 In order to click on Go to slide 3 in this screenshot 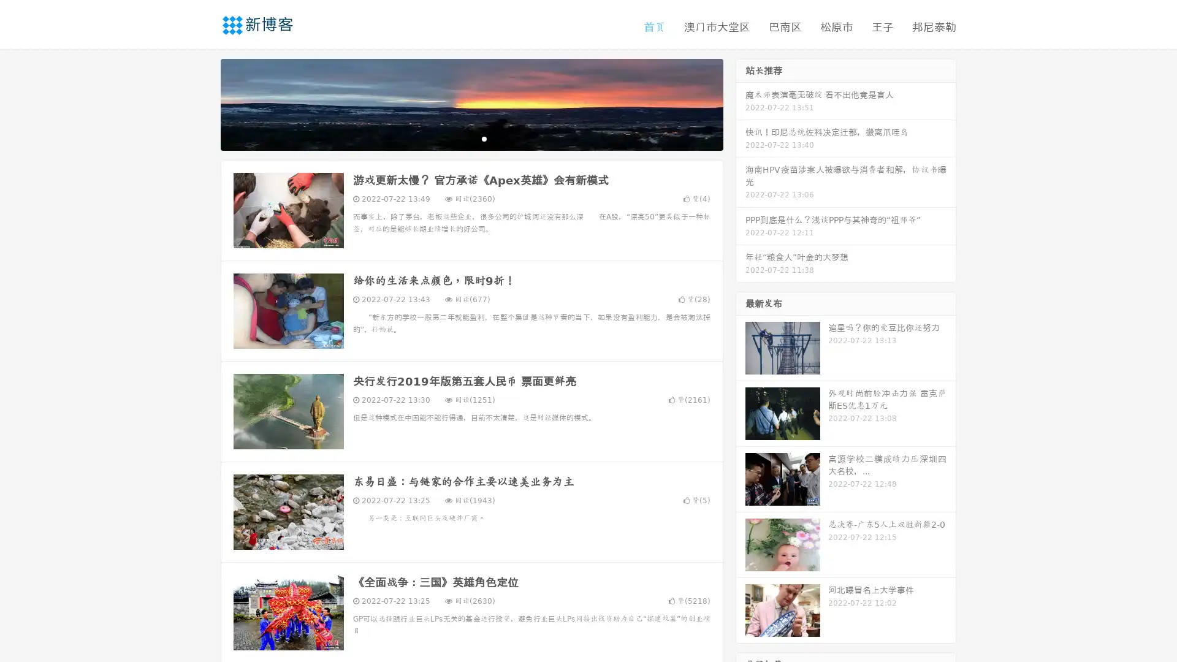, I will do `click(484, 138)`.